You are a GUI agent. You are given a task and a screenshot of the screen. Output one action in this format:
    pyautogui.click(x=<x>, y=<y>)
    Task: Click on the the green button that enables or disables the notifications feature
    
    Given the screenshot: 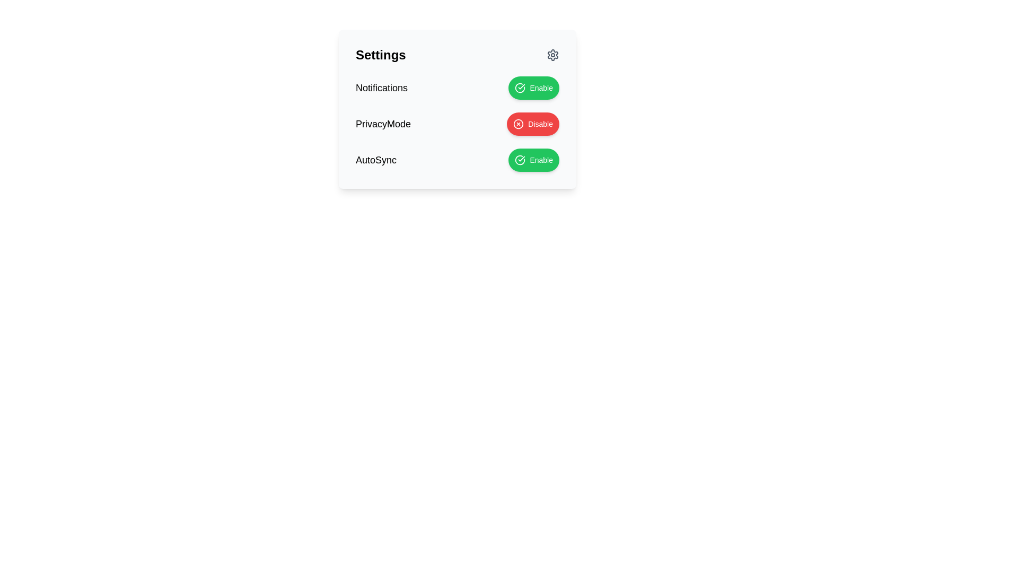 What is the action you would take?
    pyautogui.click(x=458, y=87)
    